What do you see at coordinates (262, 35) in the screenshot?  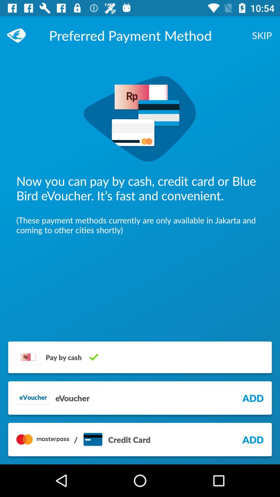 I see `icon to the right of preferred payment method icon` at bounding box center [262, 35].